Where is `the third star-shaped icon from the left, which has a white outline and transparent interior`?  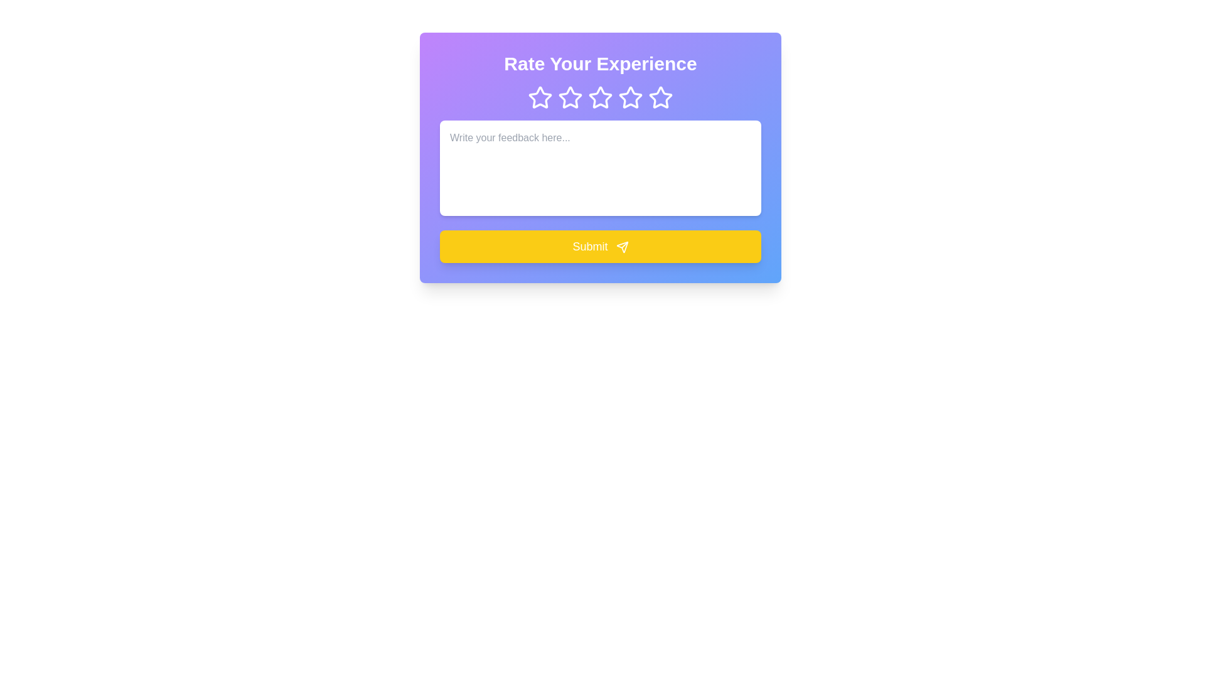 the third star-shaped icon from the left, which has a white outline and transparent interior is located at coordinates (629, 96).